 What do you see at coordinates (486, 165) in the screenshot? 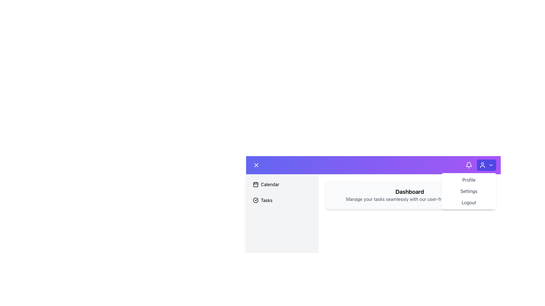
I see `the Dropdown menu trigger button located at the right edge of the top navigation bar` at bounding box center [486, 165].